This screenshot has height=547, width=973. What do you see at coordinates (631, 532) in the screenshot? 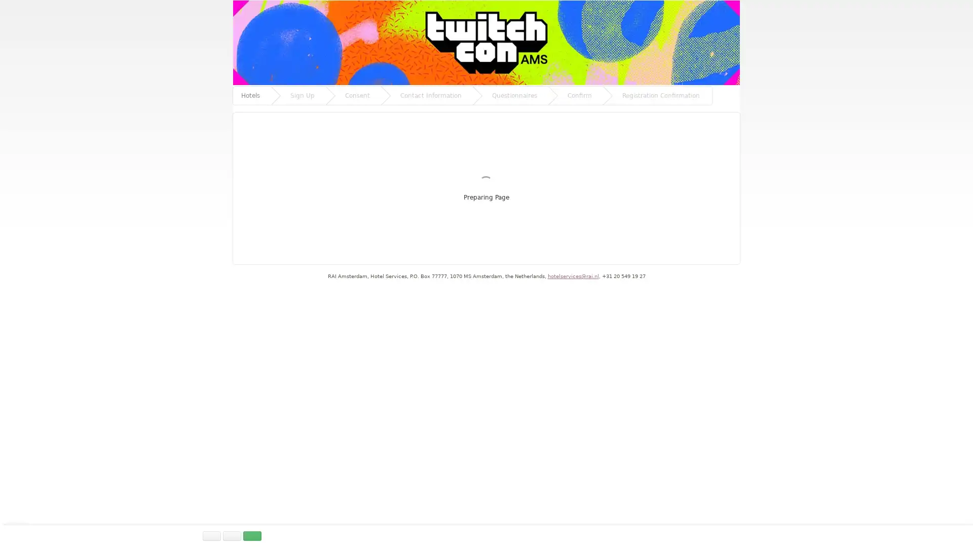
I see `CUSTOMISE SETTINGS` at bounding box center [631, 532].